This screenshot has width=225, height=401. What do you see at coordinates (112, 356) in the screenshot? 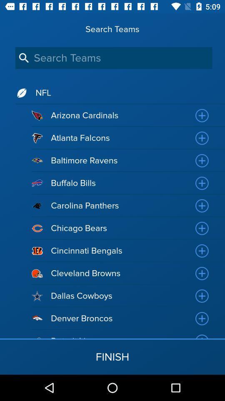
I see `finish item` at bounding box center [112, 356].